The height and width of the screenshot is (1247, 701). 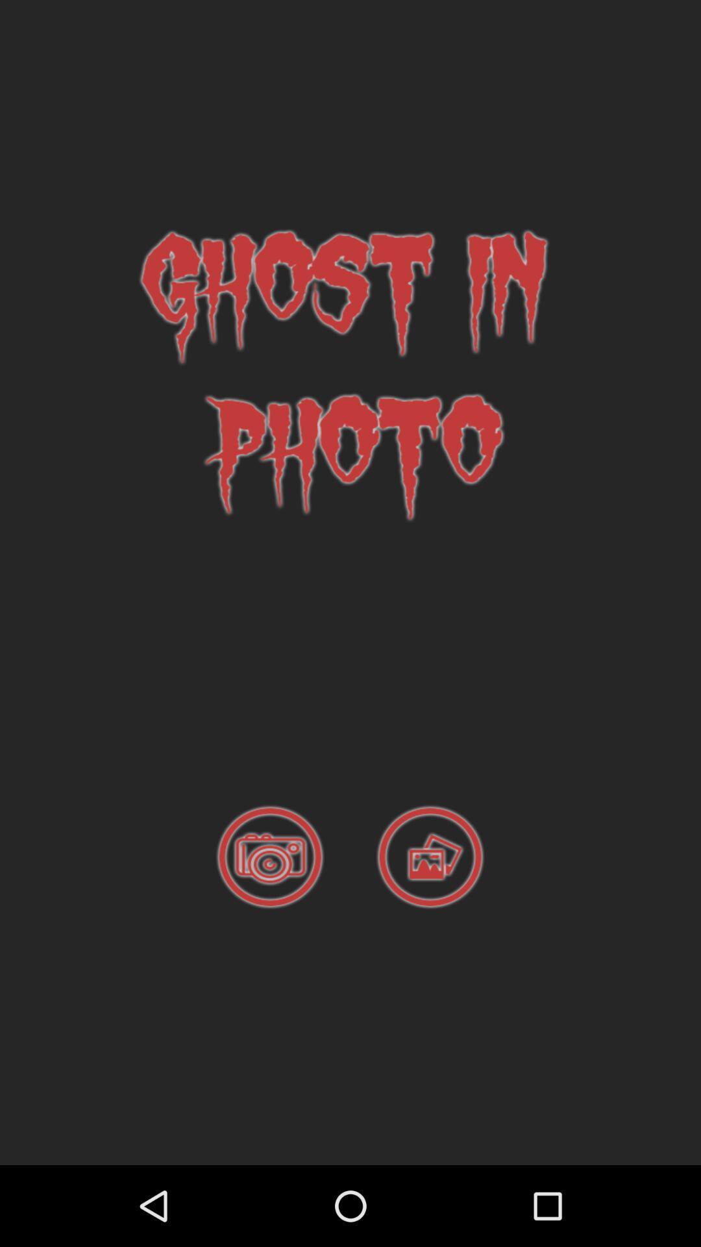 What do you see at coordinates (430, 857) in the screenshot?
I see `photo` at bounding box center [430, 857].